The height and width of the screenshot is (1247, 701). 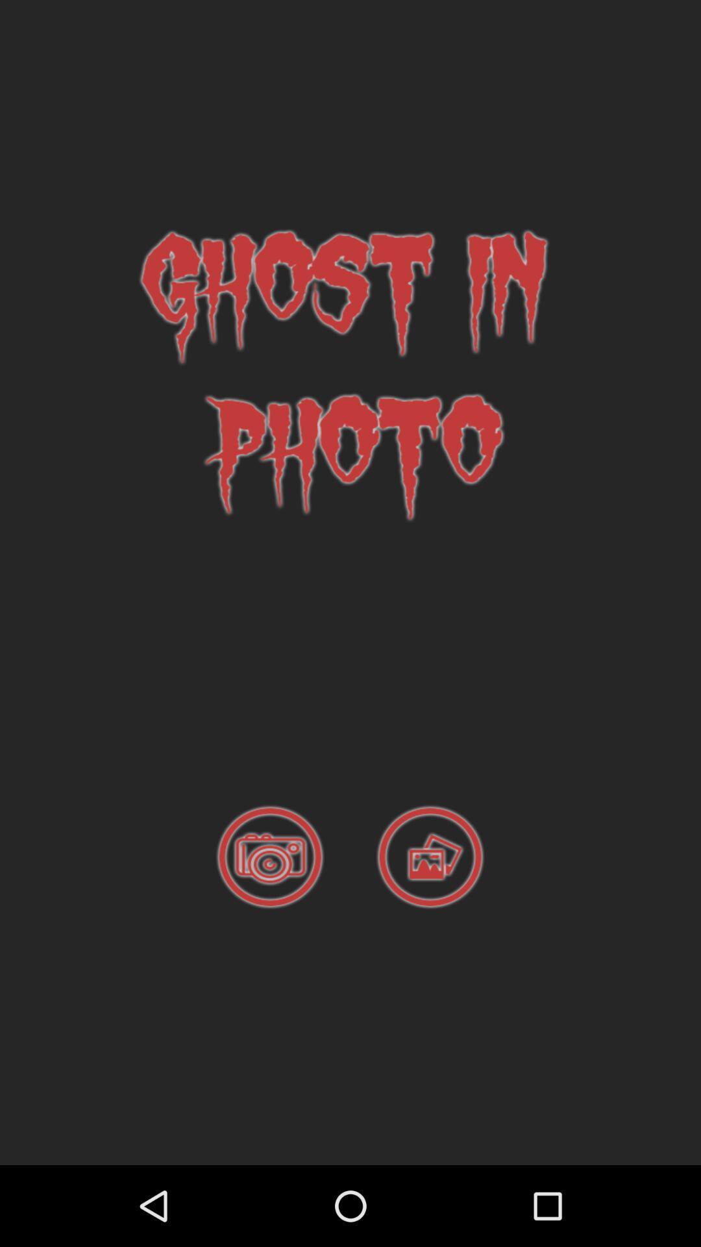 What do you see at coordinates (430, 857) in the screenshot?
I see `photo` at bounding box center [430, 857].